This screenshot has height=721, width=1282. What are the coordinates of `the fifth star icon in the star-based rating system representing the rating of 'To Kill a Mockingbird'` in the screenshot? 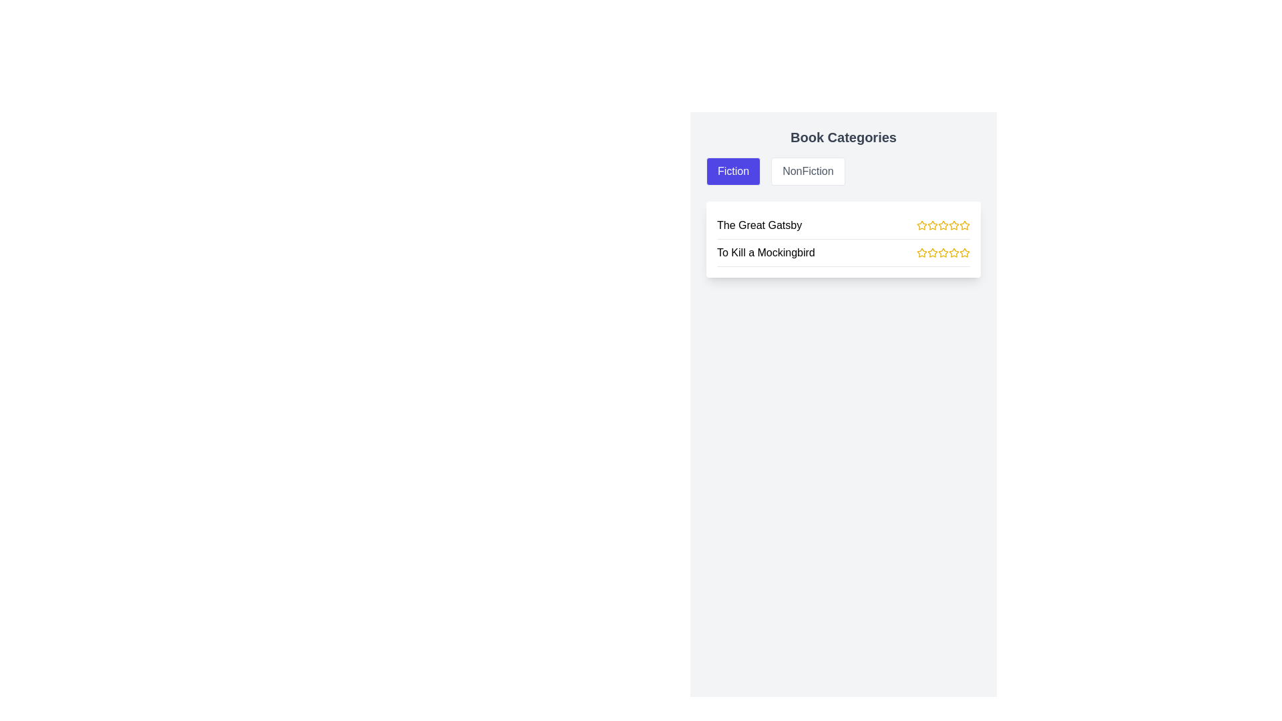 It's located at (953, 252).